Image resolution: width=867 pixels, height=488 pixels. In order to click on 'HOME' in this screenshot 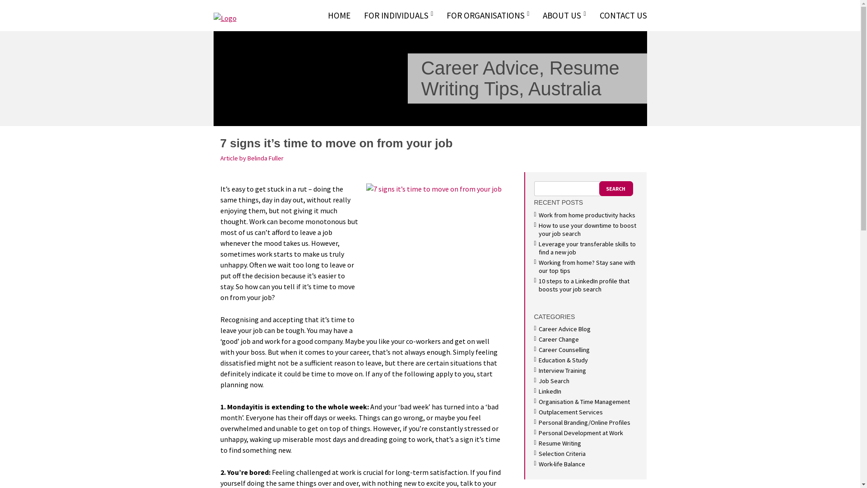, I will do `click(338, 15)`.